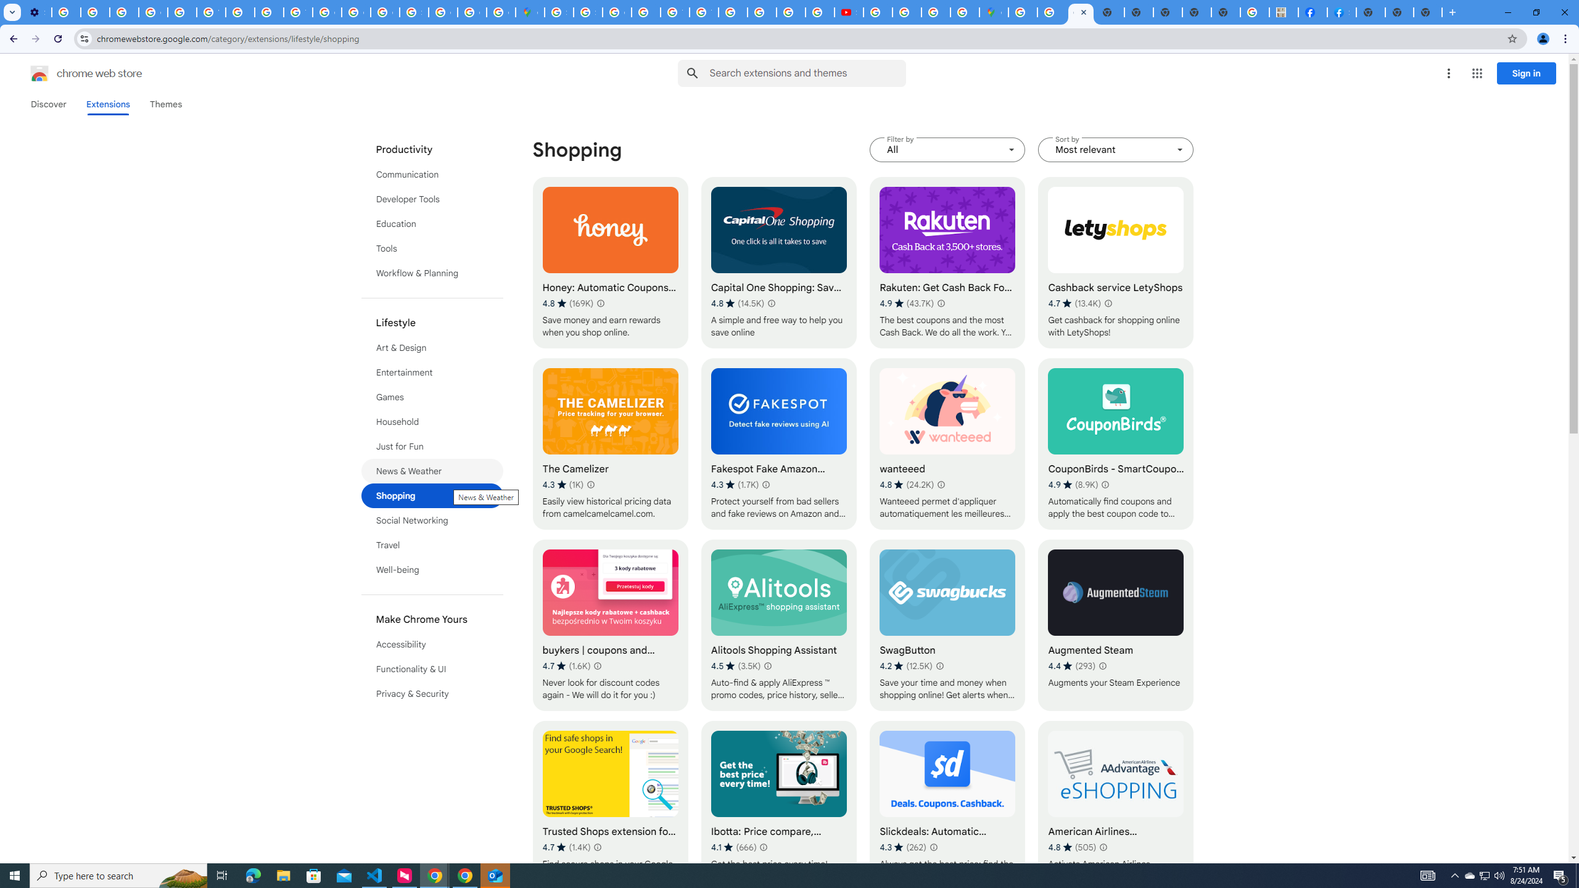 This screenshot has height=888, width=1579. I want to click on 'Trusted Shops extension for Google Chrome', so click(609, 806).